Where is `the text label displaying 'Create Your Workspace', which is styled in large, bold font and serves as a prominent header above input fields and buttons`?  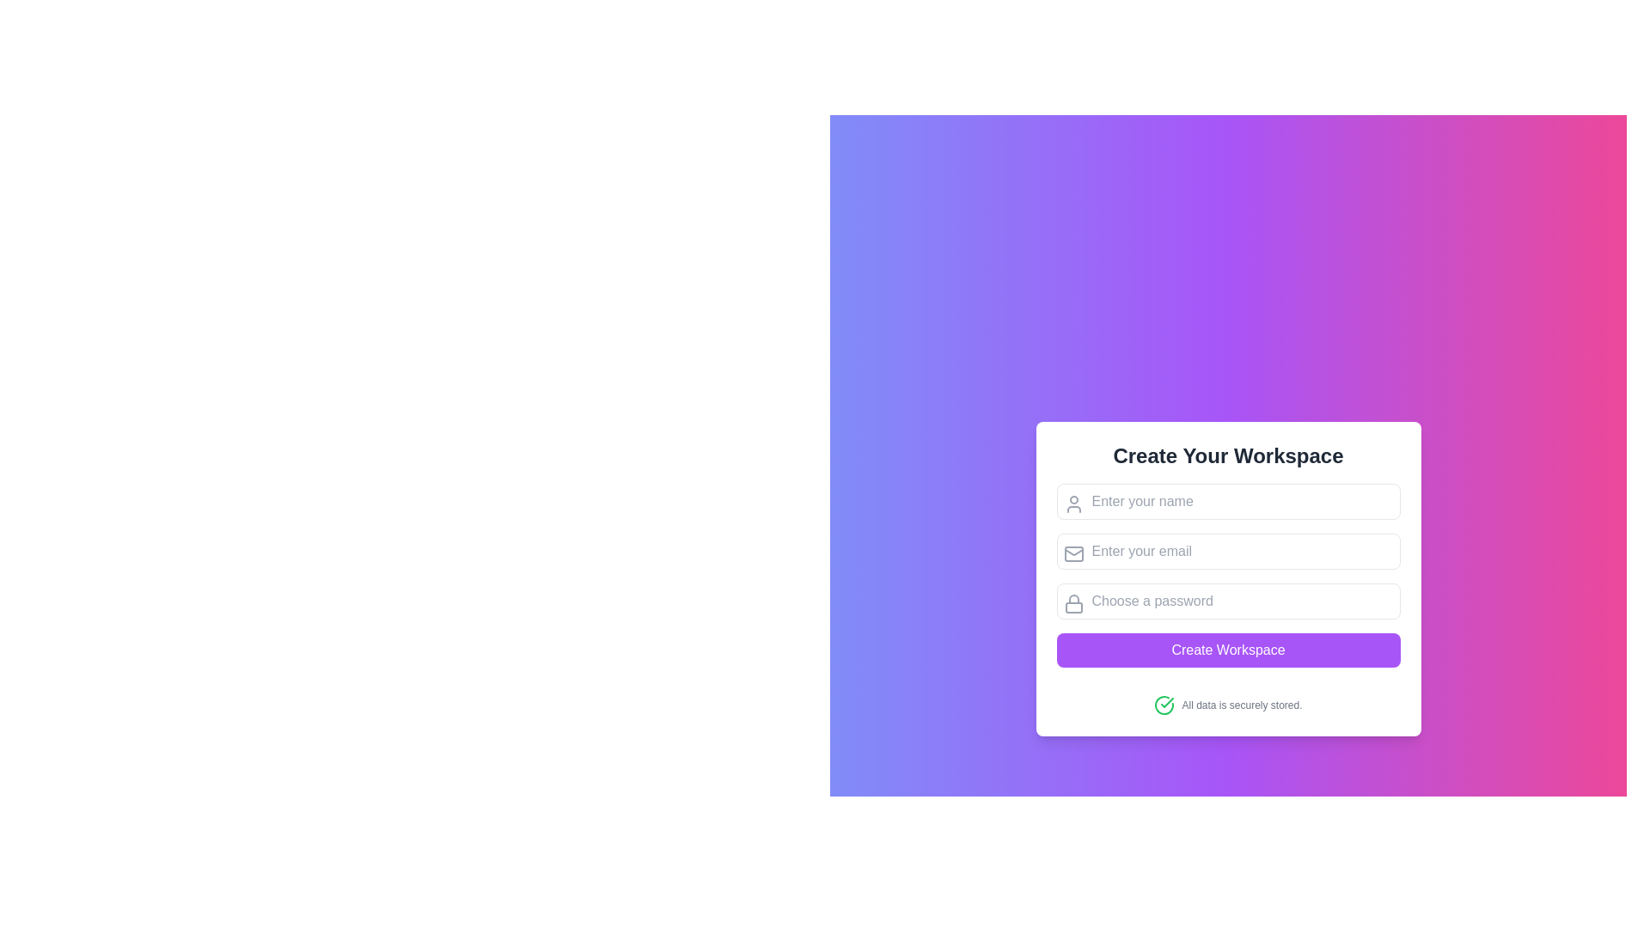 the text label displaying 'Create Your Workspace', which is styled in large, bold font and serves as a prominent header above input fields and buttons is located at coordinates (1227, 455).